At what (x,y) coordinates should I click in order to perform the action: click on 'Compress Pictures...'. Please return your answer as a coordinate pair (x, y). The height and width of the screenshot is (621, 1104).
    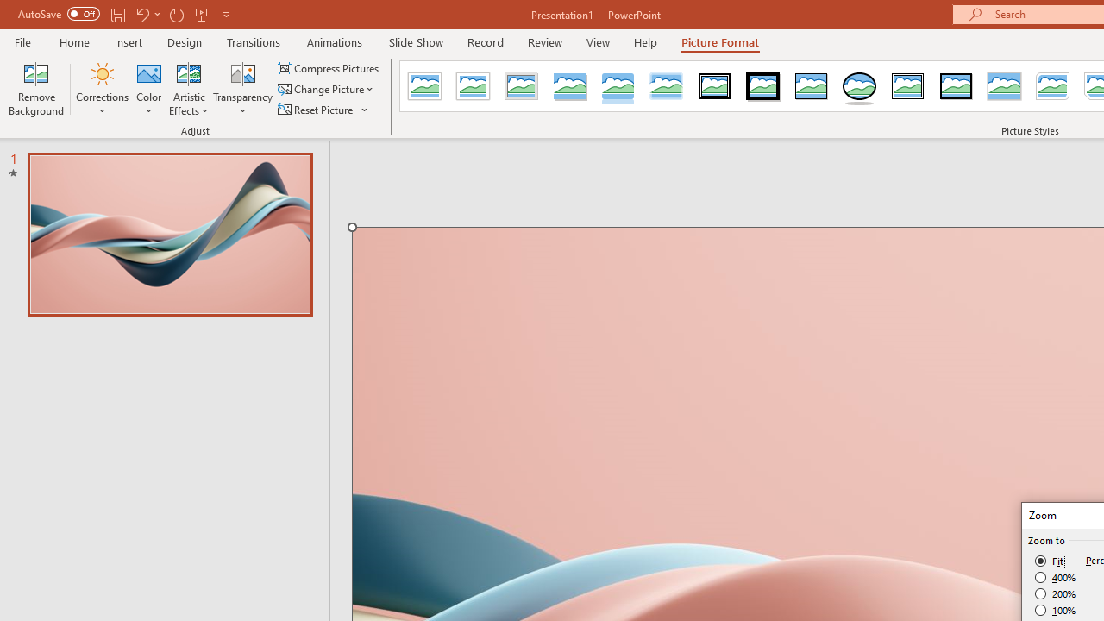
    Looking at the image, I should click on (329, 67).